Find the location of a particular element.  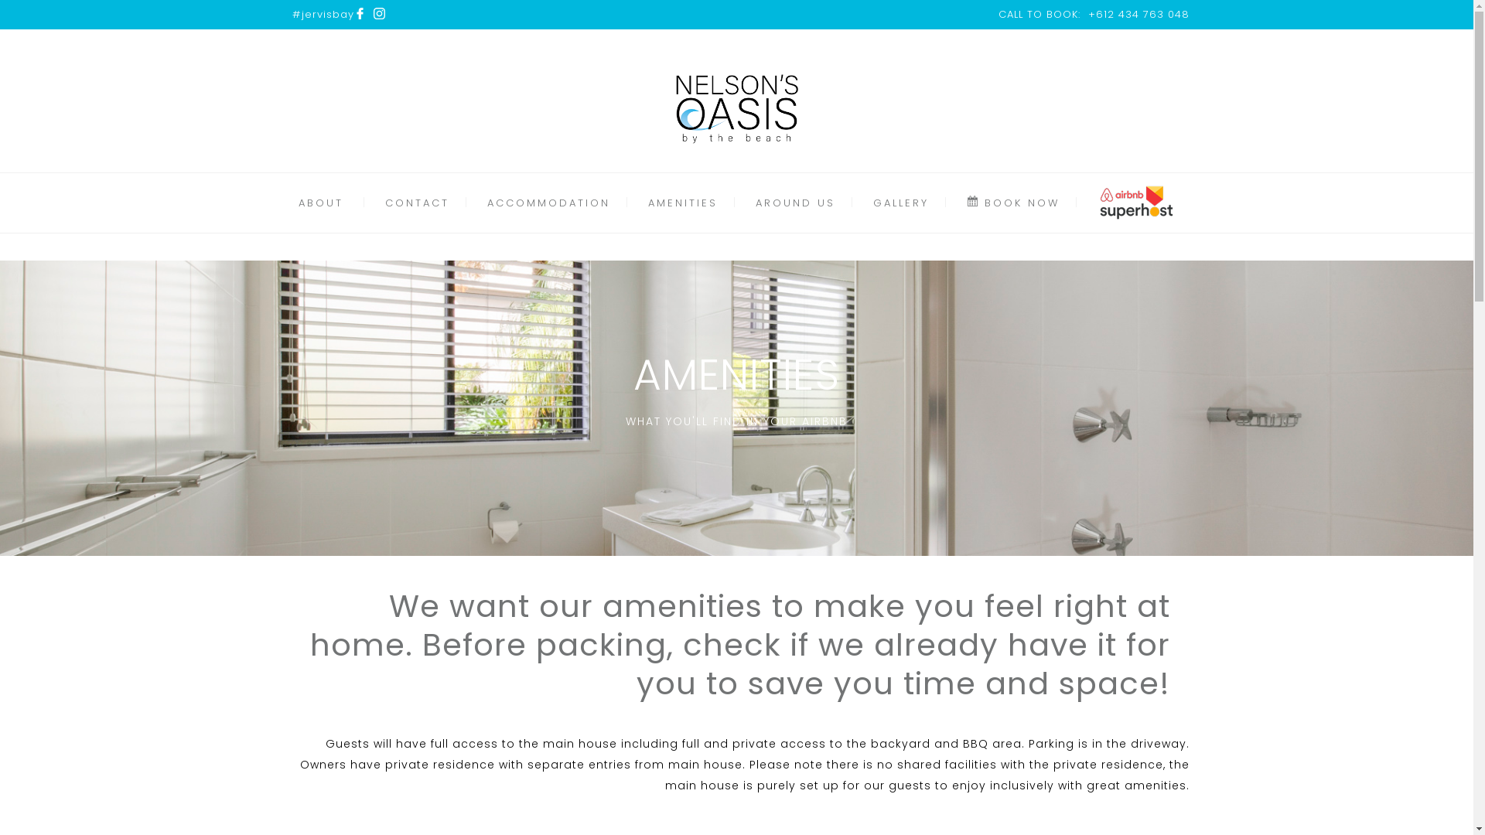

'AROUND US' is located at coordinates (795, 202).